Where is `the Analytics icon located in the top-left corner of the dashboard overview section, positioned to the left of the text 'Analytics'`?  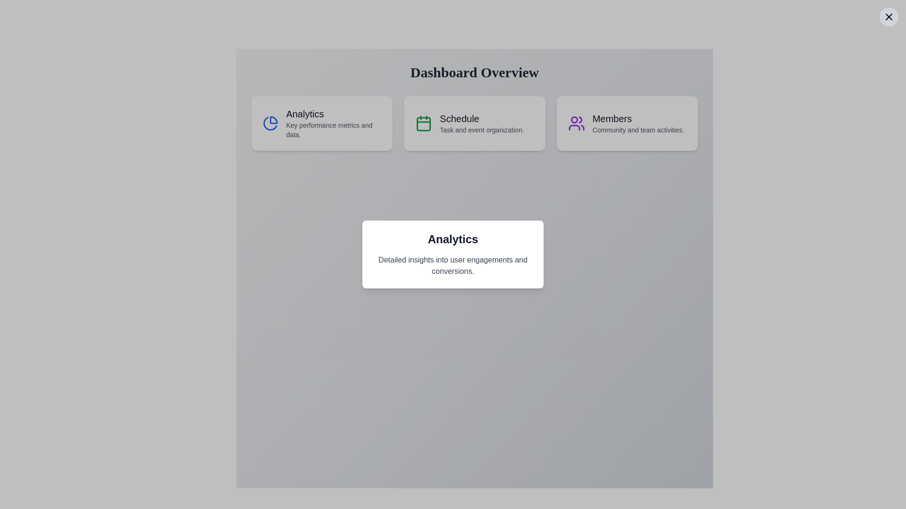
the Analytics icon located in the top-left corner of the dashboard overview section, positioned to the left of the text 'Analytics' is located at coordinates (270, 123).